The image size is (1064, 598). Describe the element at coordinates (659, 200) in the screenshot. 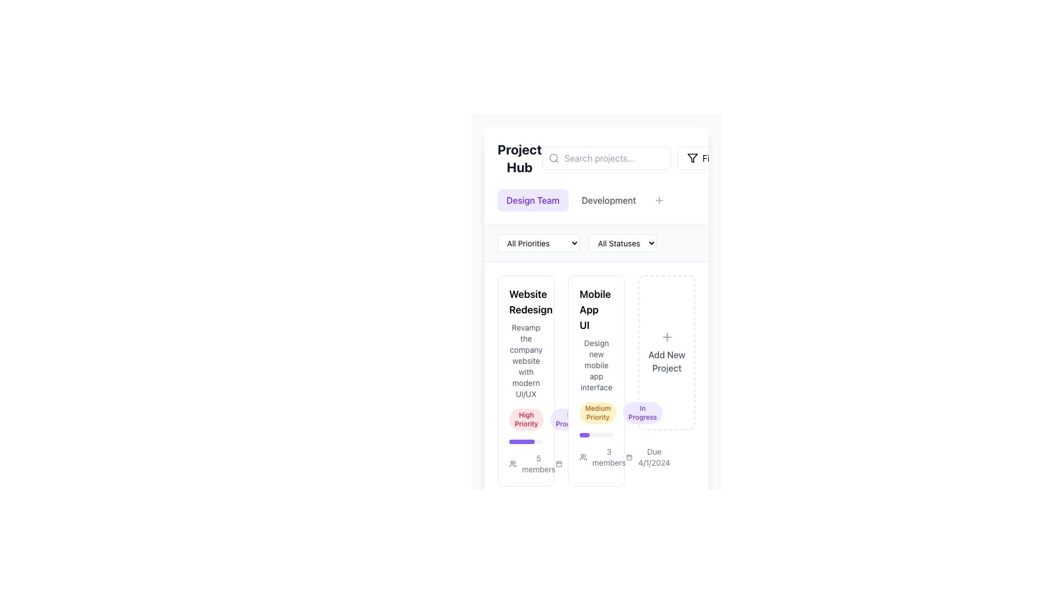

I see `the small rounded rectangle button with light gray text and a plus icon at its center, located to the right of the 'Development' button in the top center section of the interface` at that location.